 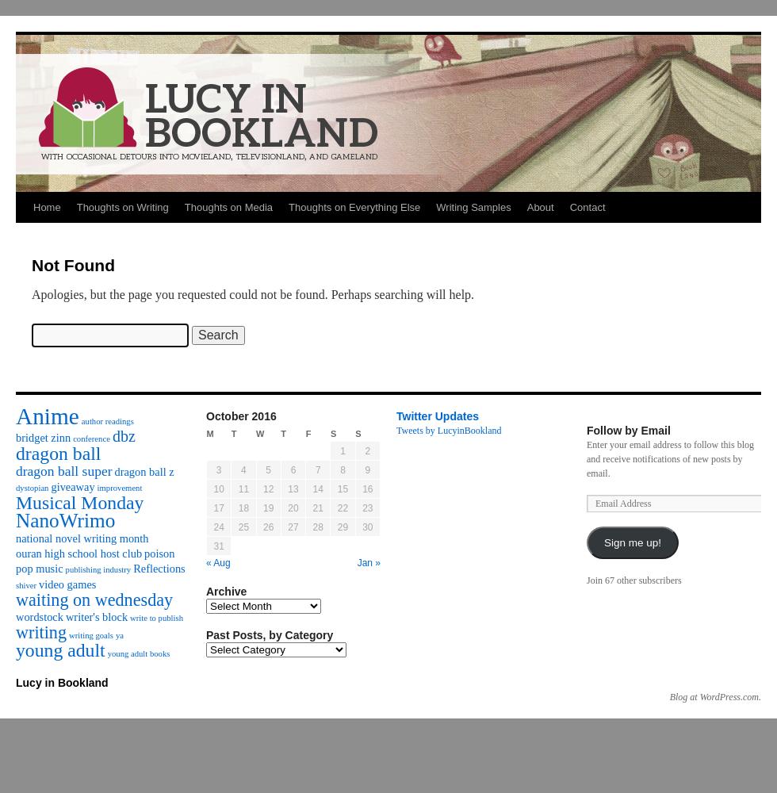 I want to click on 'W', so click(x=256, y=434).